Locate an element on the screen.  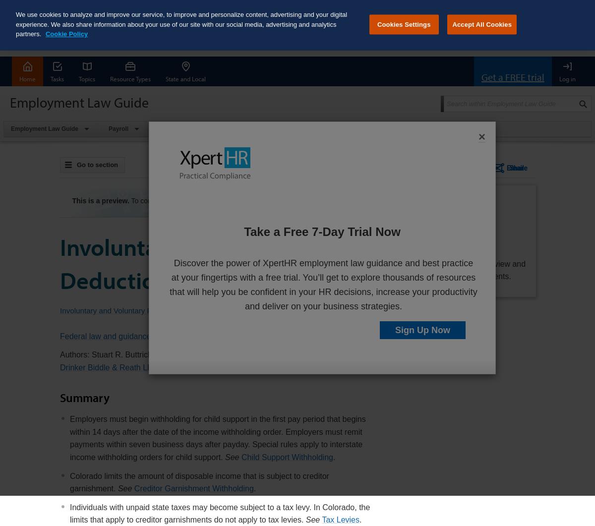
'Colorado limits the amount of disposable income that is subject to creditor garnishment.' is located at coordinates (199, 481).